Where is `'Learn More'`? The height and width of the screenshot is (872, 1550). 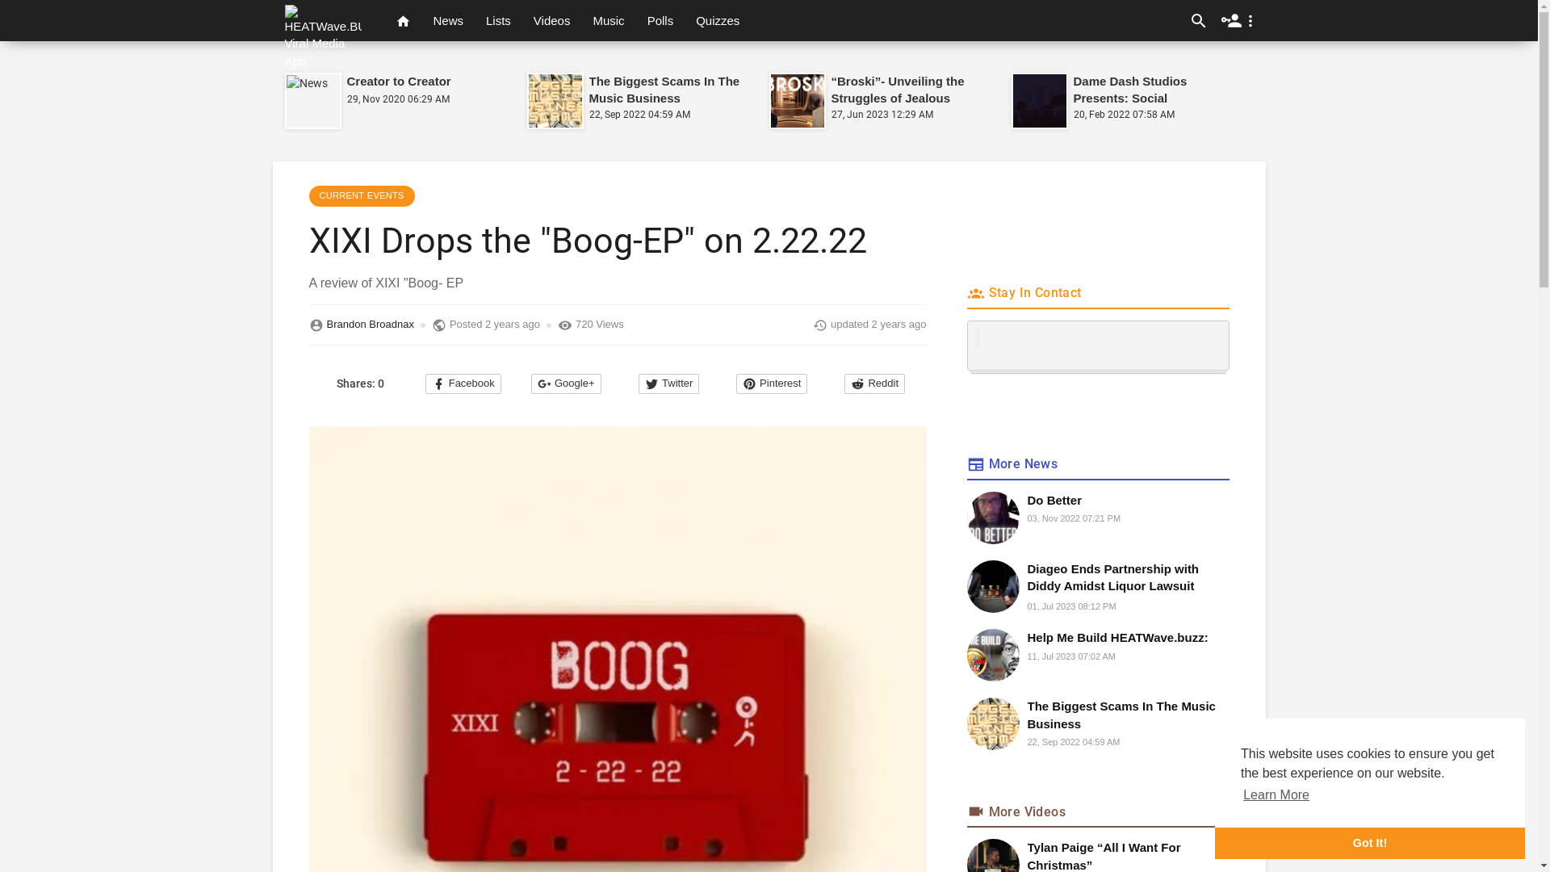
'Learn More' is located at coordinates (1275, 794).